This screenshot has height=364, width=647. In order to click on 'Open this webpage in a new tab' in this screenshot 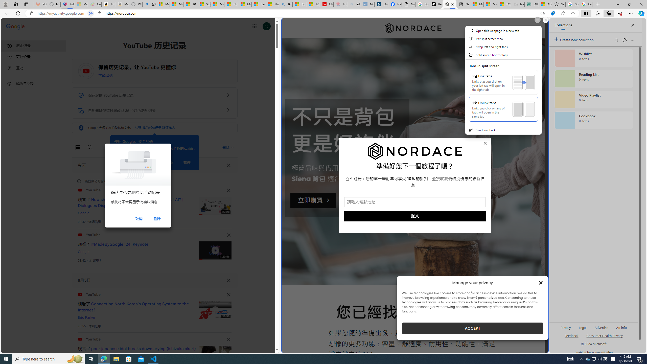, I will do `click(503, 30)`.